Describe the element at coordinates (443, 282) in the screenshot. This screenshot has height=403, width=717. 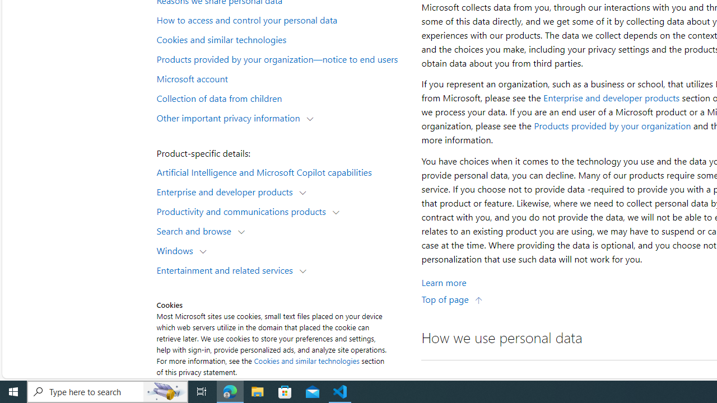
I see `'Learn More about Personal data we collect'` at that location.